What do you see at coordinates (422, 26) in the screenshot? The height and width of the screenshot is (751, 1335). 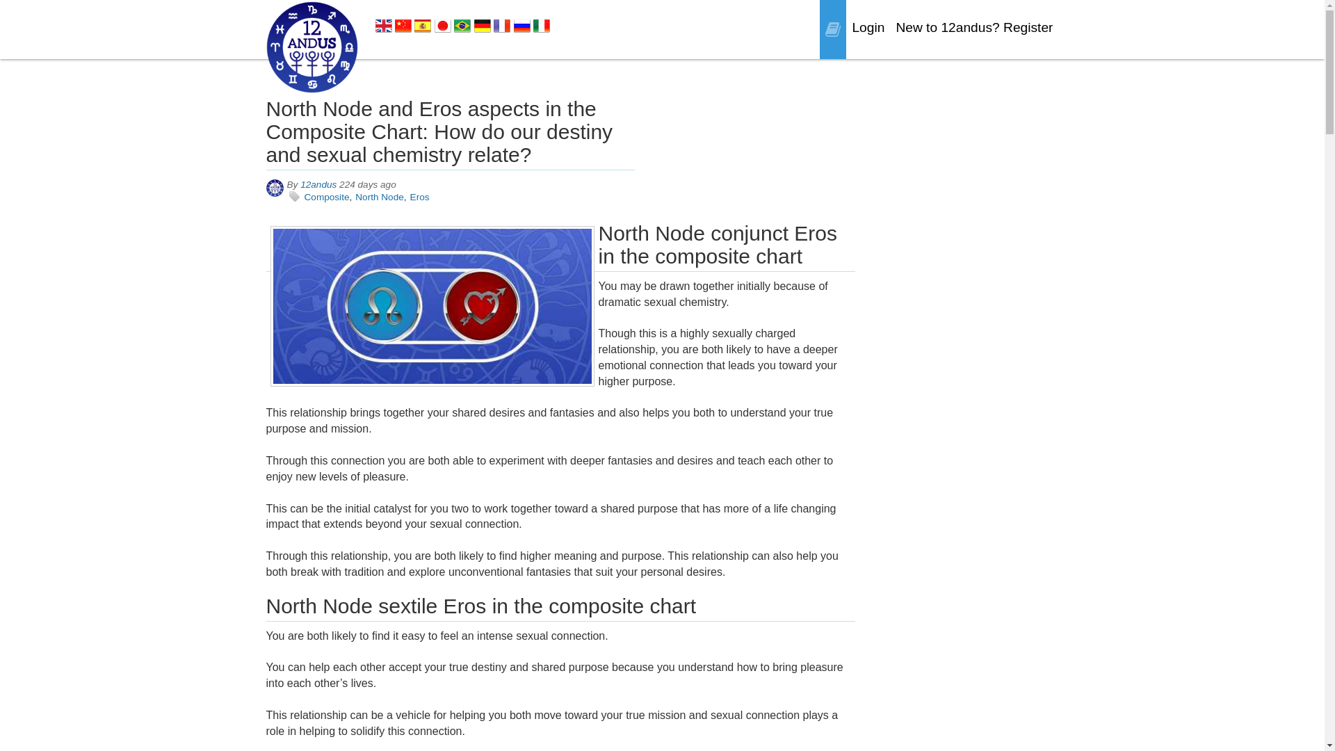 I see `'Spanish'` at bounding box center [422, 26].